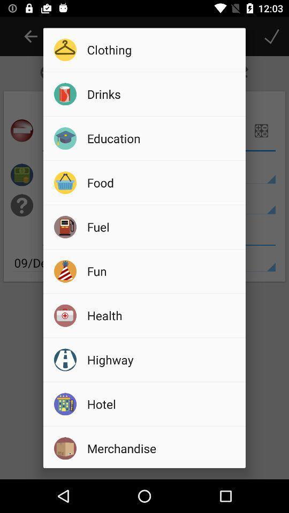 Image resolution: width=289 pixels, height=513 pixels. I want to click on the icon above the merchandise item, so click(162, 403).